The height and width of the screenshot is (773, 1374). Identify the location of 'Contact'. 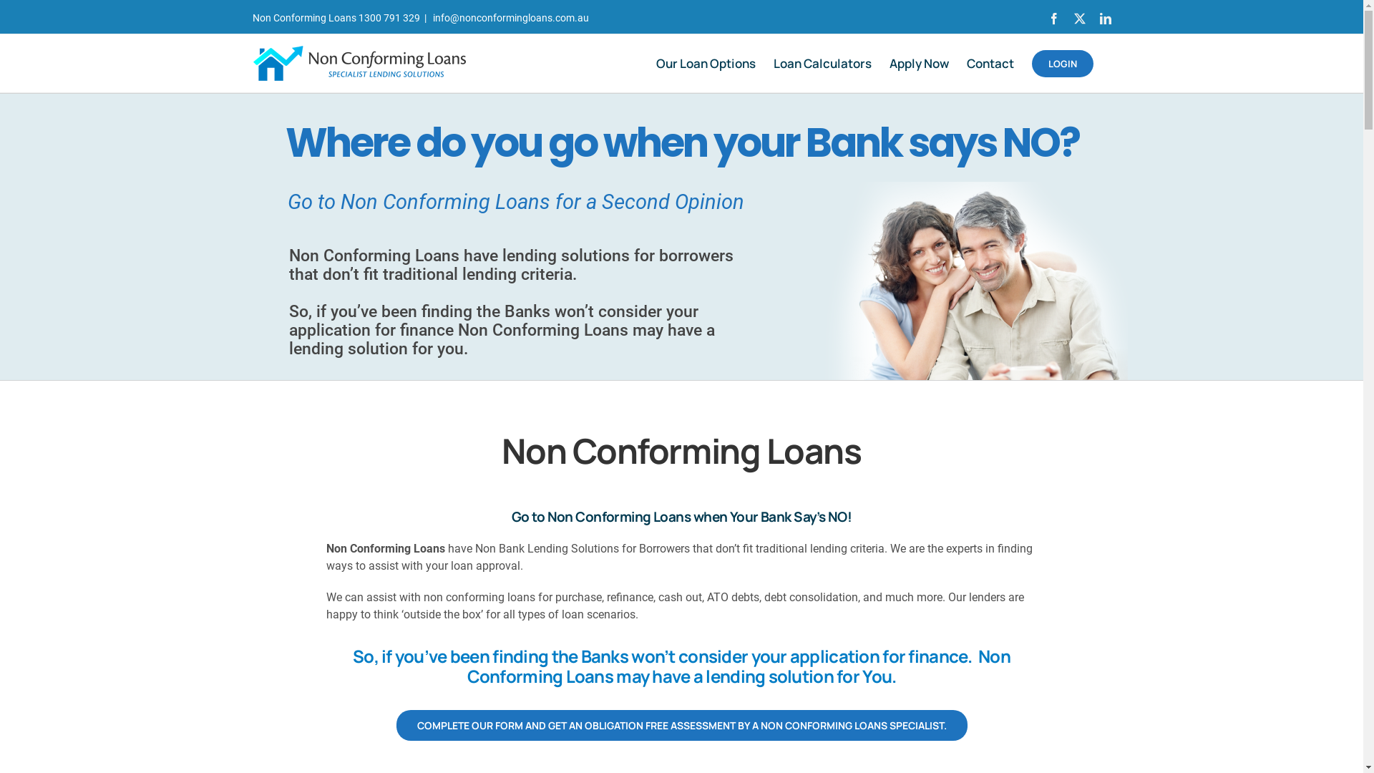
(988, 62).